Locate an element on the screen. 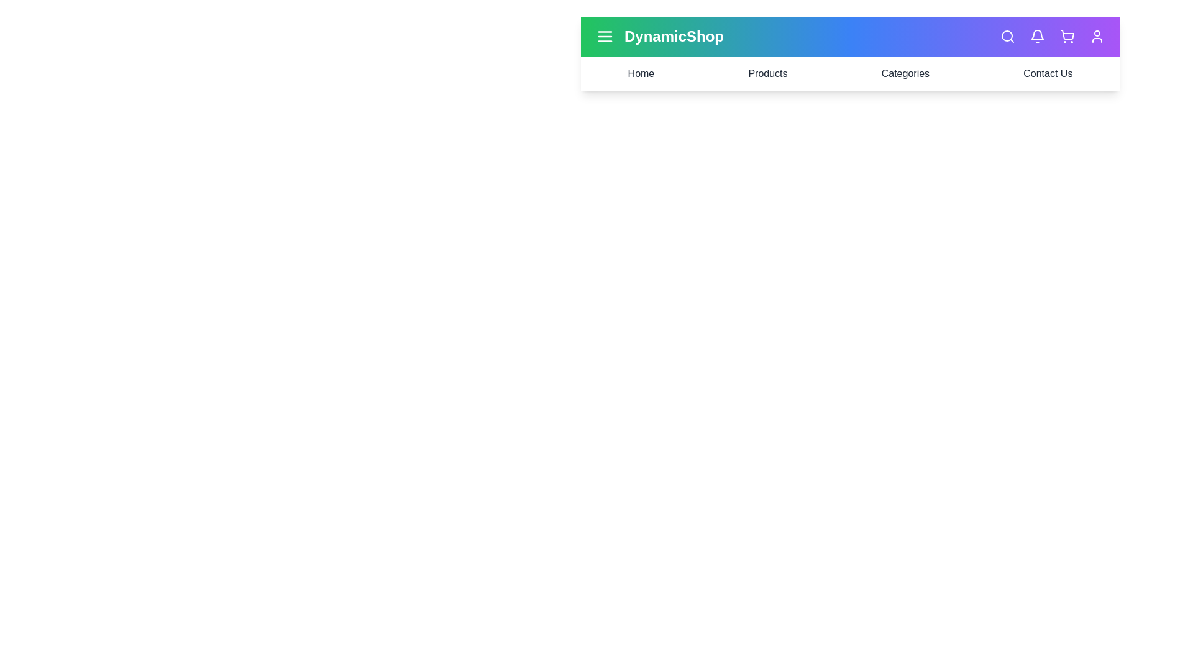 The image size is (1193, 671). the search icon to initiate a search action is located at coordinates (1008, 35).